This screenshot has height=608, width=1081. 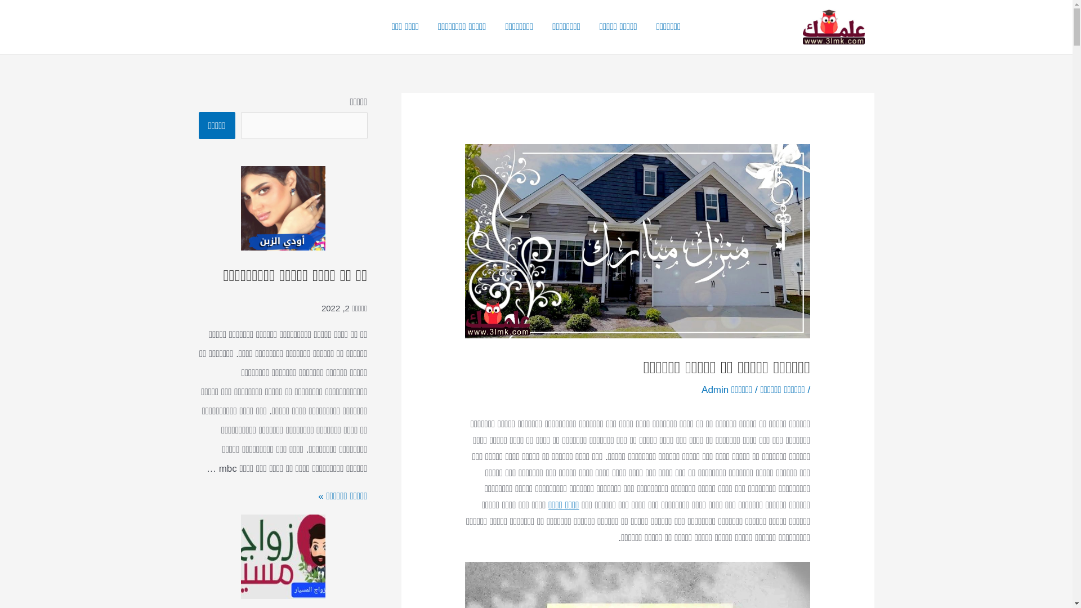 What do you see at coordinates (701, 389) in the screenshot?
I see `'Admin'` at bounding box center [701, 389].